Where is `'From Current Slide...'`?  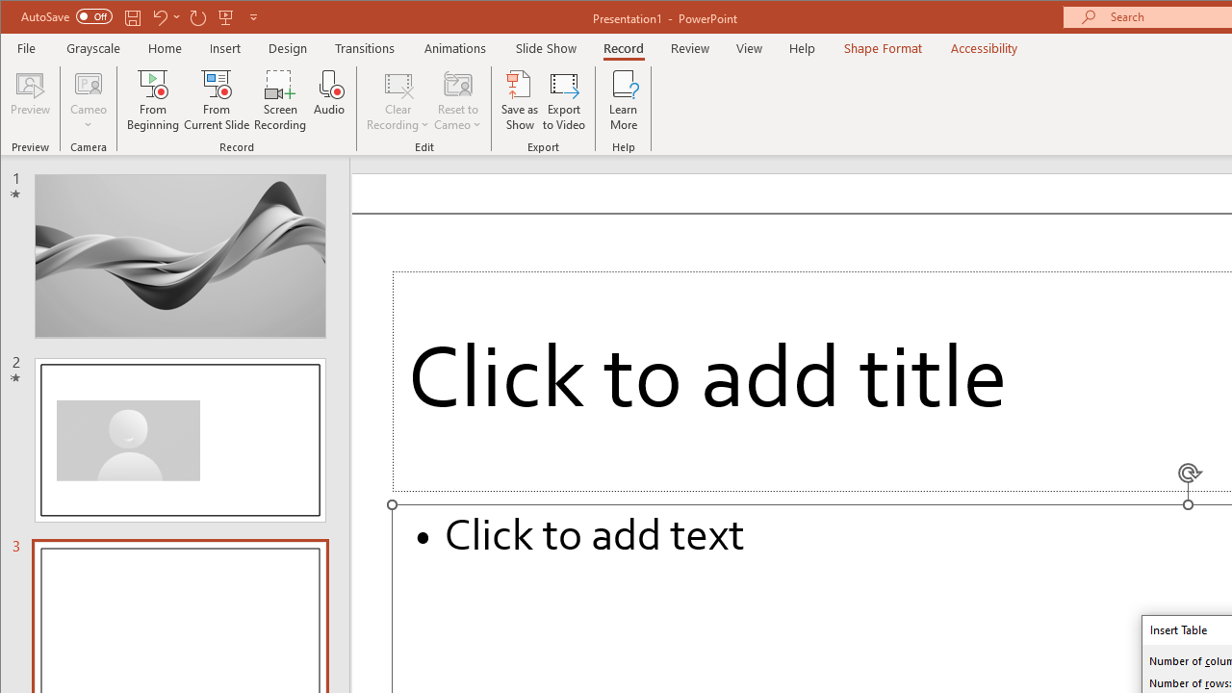
'From Current Slide...' is located at coordinates (217, 100).